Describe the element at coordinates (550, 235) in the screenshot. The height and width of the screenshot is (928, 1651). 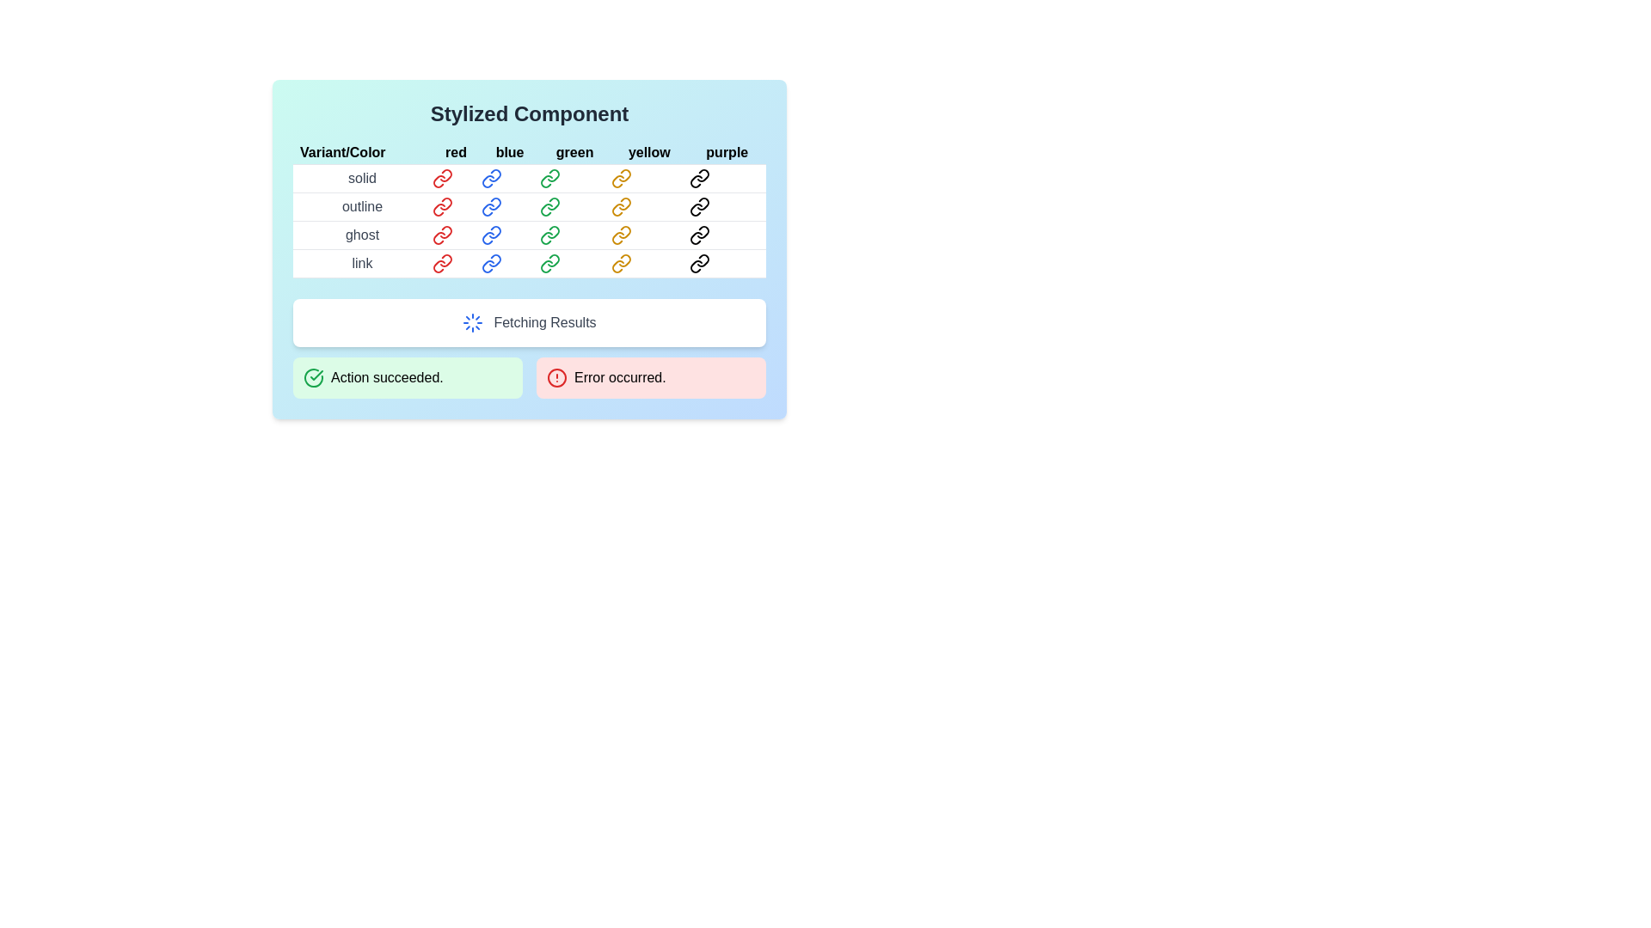
I see `the green link icon in the 'ghost' row and 'green' column of the 'Stylized Component' grid to change its appearance` at that location.